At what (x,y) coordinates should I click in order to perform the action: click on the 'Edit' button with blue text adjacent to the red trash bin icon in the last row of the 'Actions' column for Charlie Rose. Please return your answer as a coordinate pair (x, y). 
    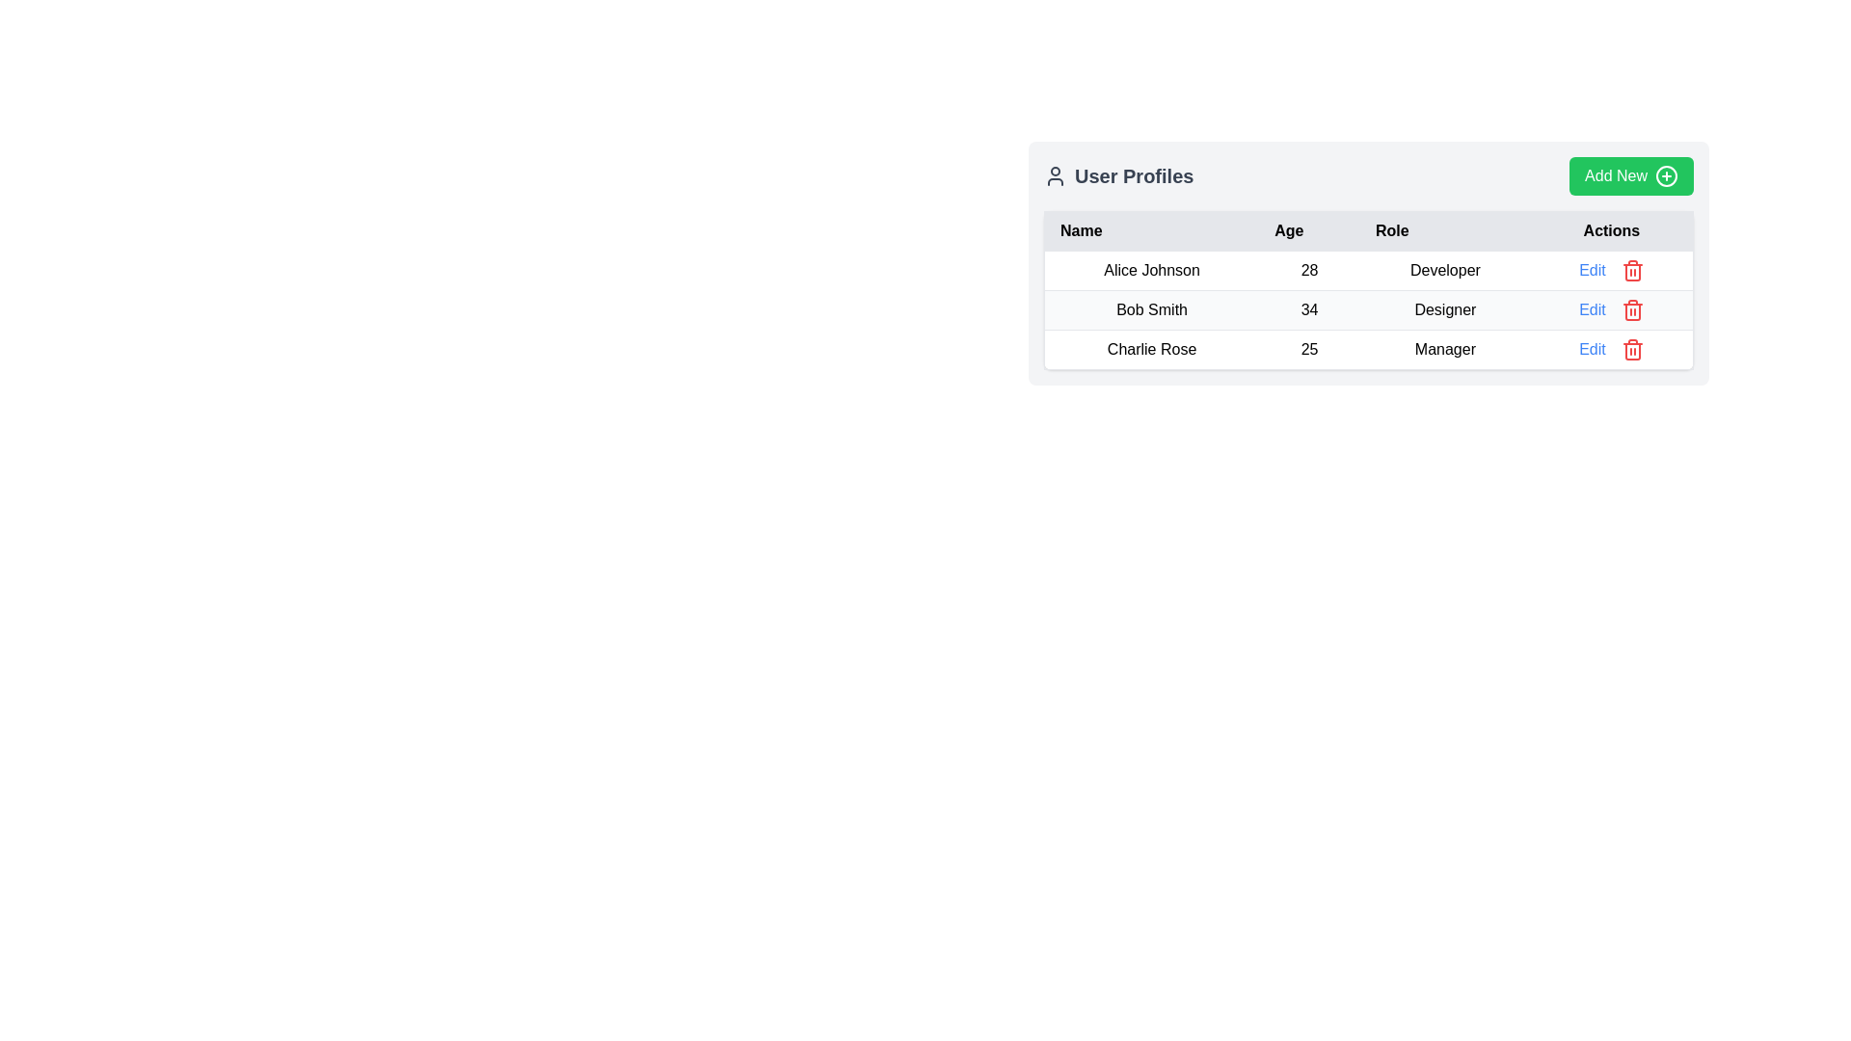
    Looking at the image, I should click on (1611, 349).